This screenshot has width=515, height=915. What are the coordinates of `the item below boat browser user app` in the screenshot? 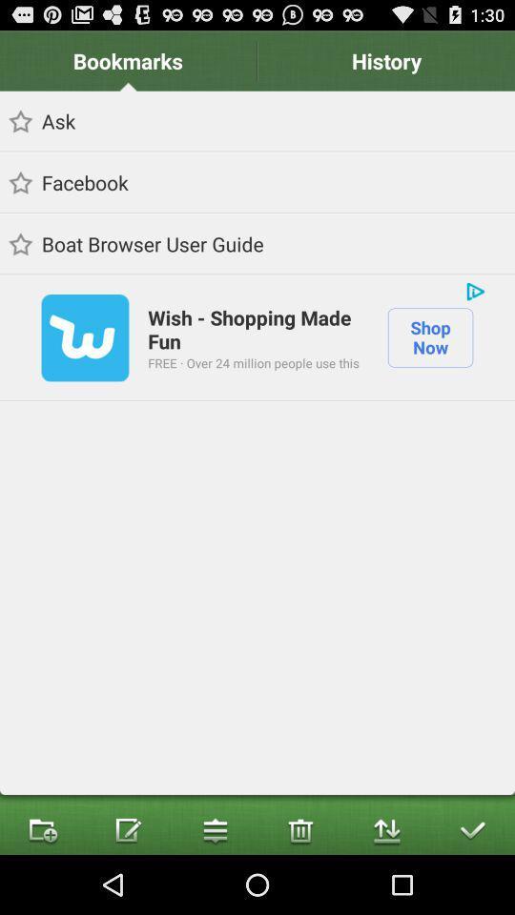 It's located at (474, 291).